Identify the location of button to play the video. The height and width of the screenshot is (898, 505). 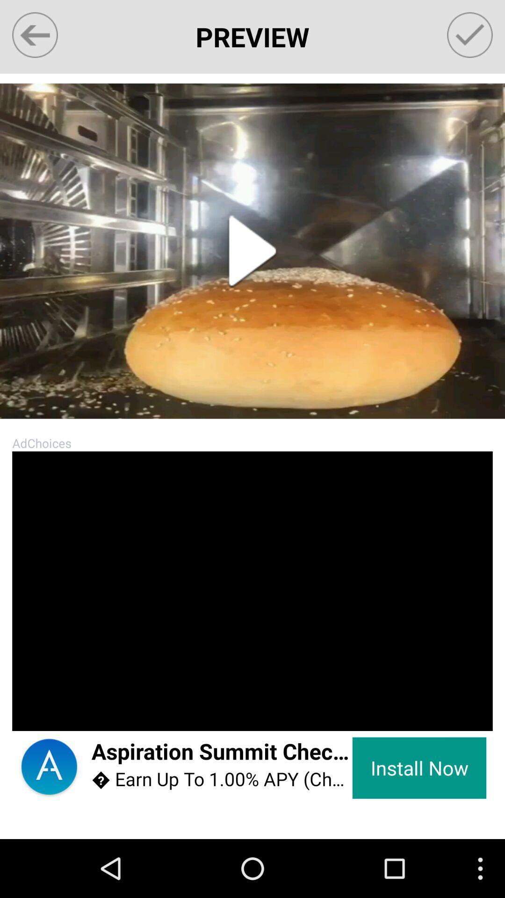
(252, 251).